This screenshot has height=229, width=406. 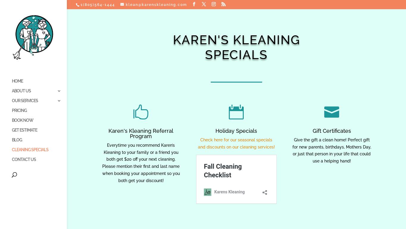 I want to click on 'BOOK NOW', so click(x=12, y=120).